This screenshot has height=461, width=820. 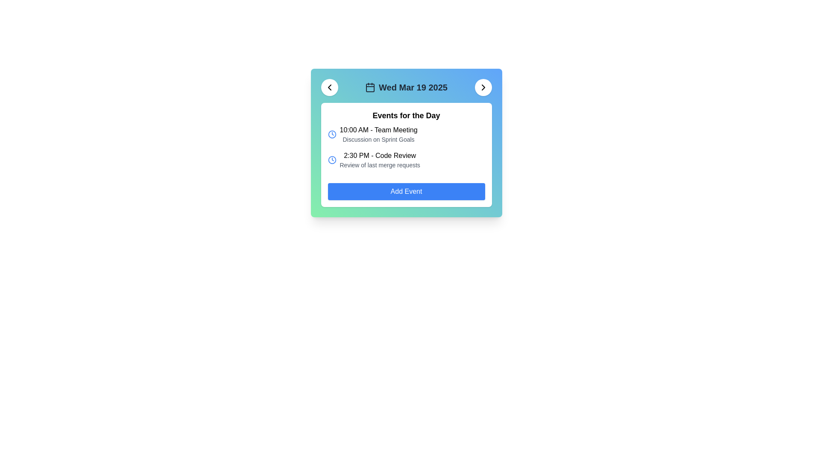 What do you see at coordinates (406, 87) in the screenshot?
I see `the date 'Wed Mar 19 2025'` at bounding box center [406, 87].